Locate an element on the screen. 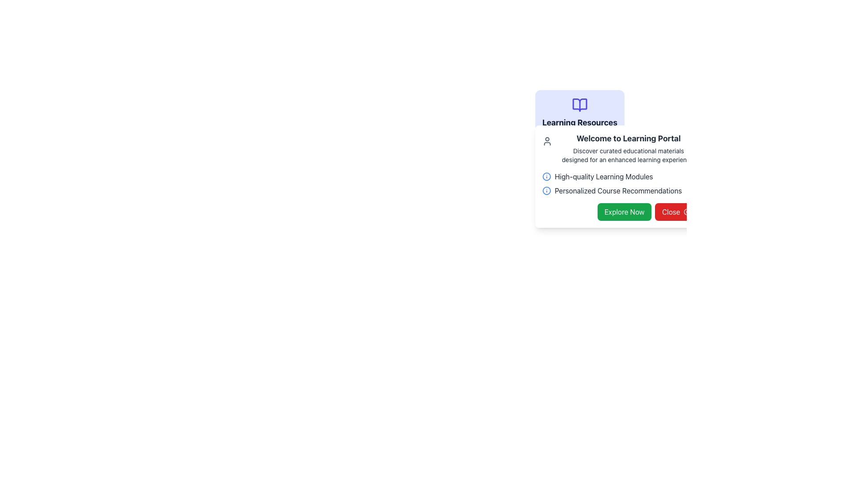 The width and height of the screenshot is (848, 477). the text label that reads 'High-quality Learning Modules' accompanied by a rounded blue 'i' icon, which is positioned beneath the header 'Welcome to Learning Portal' is located at coordinates (620, 177).